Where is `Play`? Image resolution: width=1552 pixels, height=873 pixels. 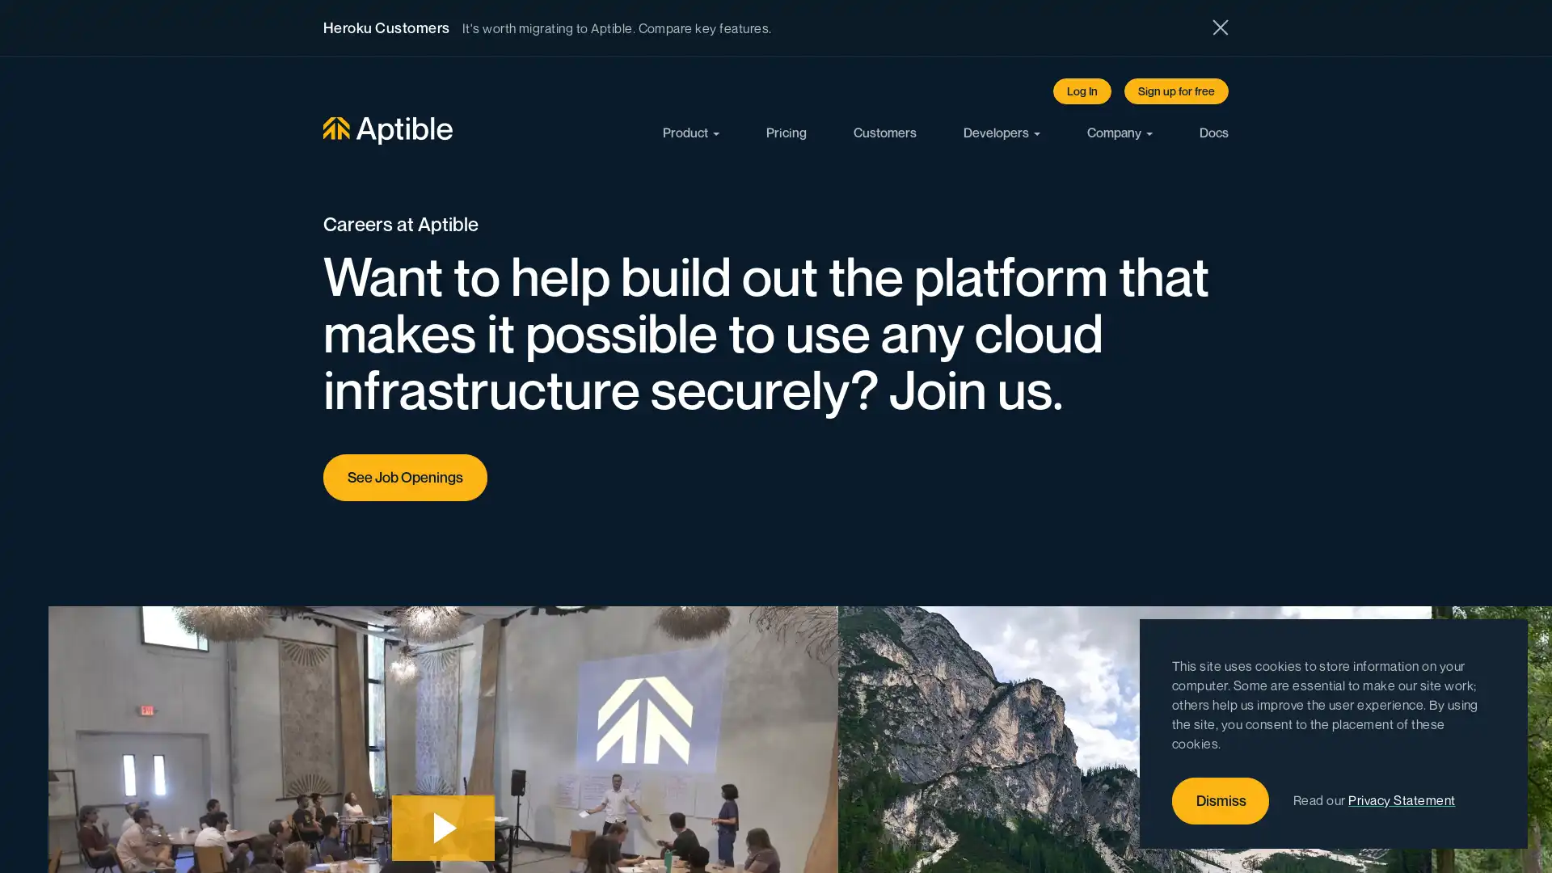 Play is located at coordinates (443, 827).